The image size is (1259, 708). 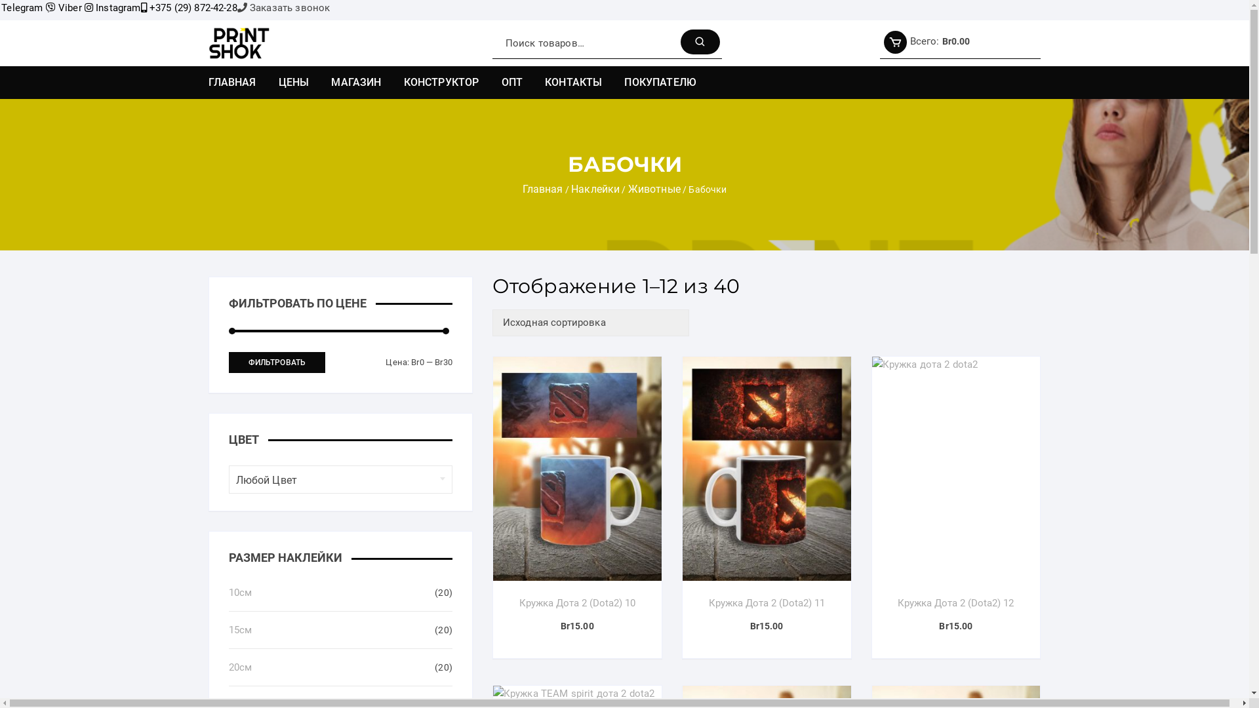 What do you see at coordinates (188, 7) in the screenshot?
I see `'+375 (29) 872-42-28'` at bounding box center [188, 7].